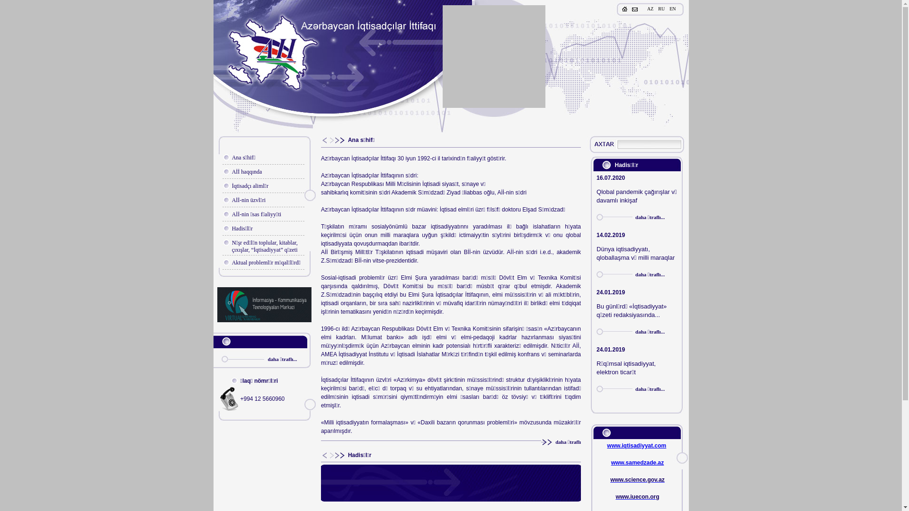 This screenshot has width=909, height=511. I want to click on 'AZ', so click(650, 9).